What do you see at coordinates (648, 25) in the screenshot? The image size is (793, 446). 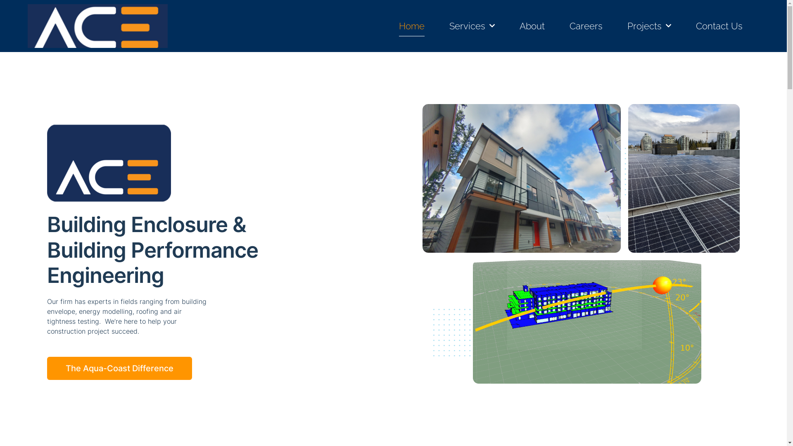 I see `'Projects'` at bounding box center [648, 25].